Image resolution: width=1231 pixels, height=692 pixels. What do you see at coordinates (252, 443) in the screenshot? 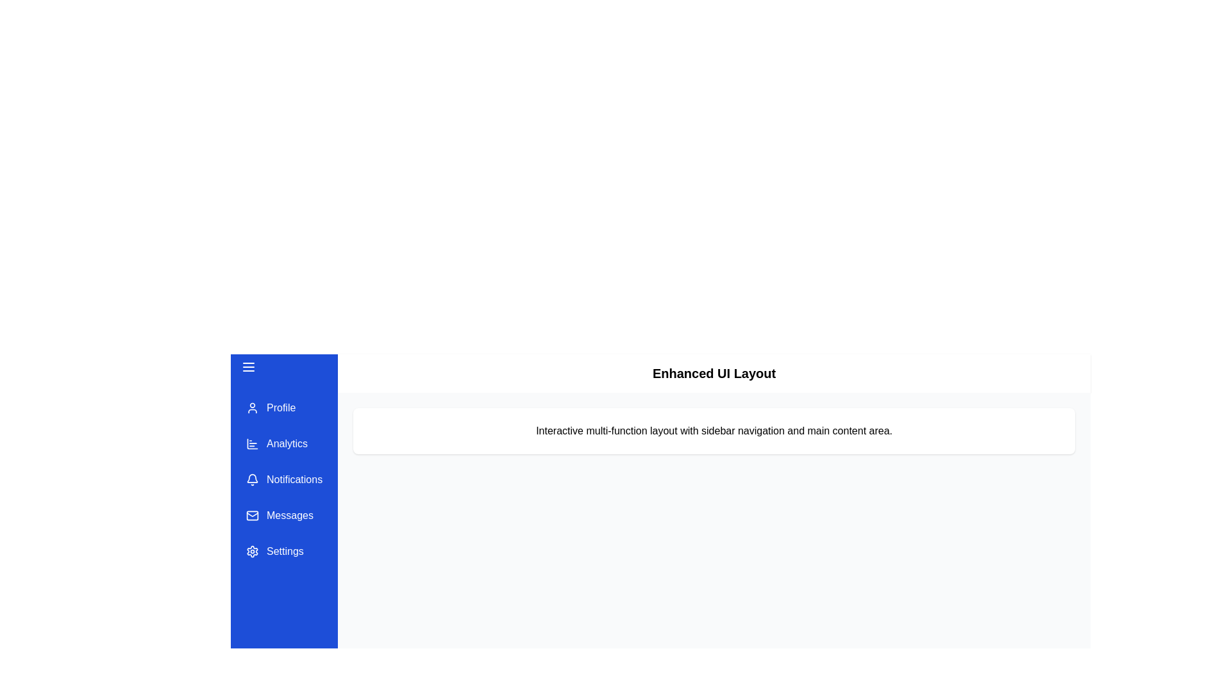
I see `the chart-related icon located in the sidebar next to the 'Analytics' label` at bounding box center [252, 443].